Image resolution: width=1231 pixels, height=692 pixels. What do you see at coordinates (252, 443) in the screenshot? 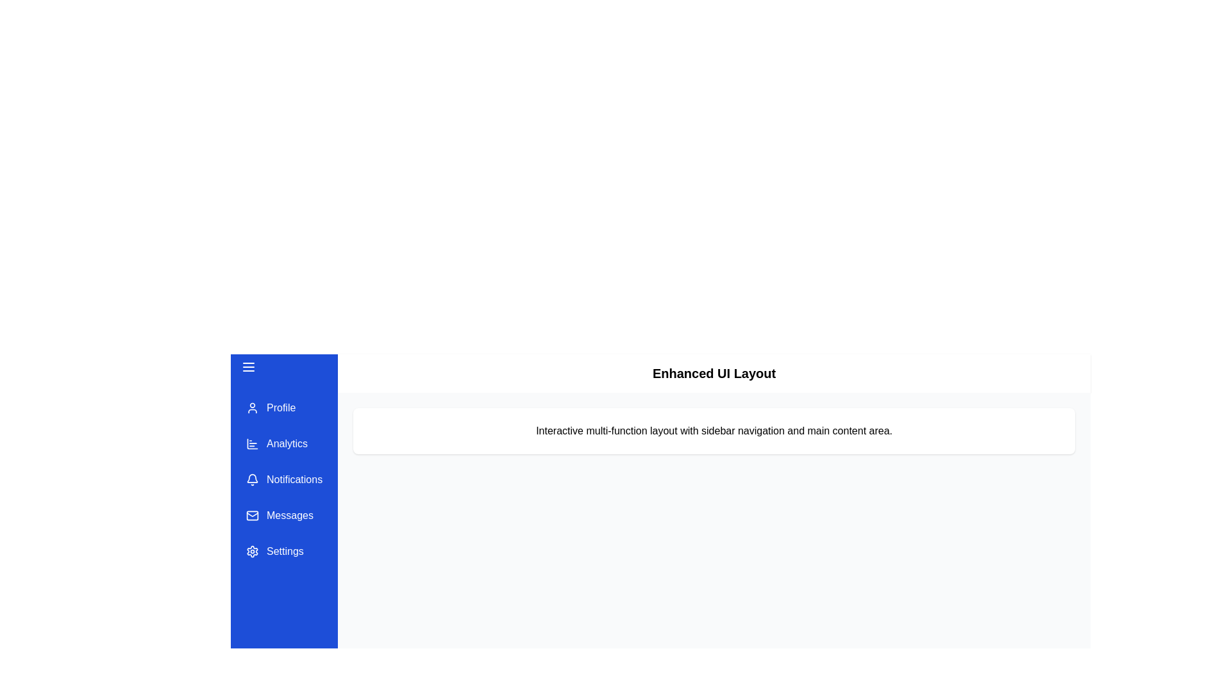
I see `the chart-related icon located in the sidebar next to the 'Analytics' label` at bounding box center [252, 443].